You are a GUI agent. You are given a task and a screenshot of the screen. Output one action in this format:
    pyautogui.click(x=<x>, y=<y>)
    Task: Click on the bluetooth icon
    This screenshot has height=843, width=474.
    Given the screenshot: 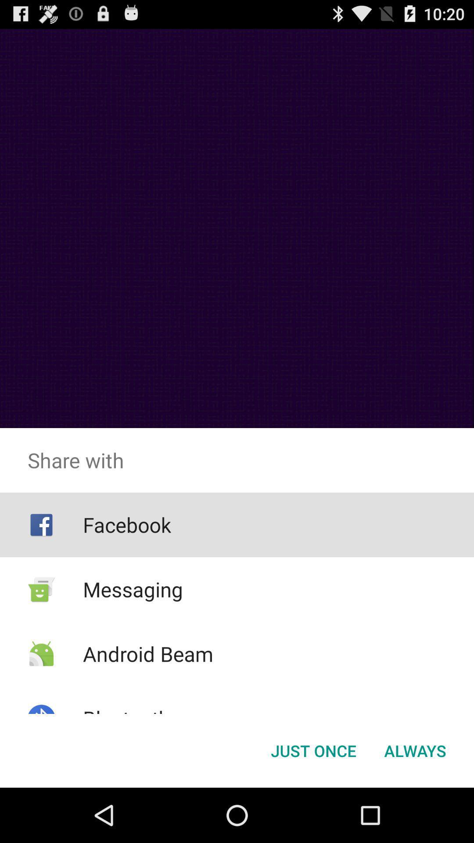 What is the action you would take?
    pyautogui.click(x=126, y=718)
    